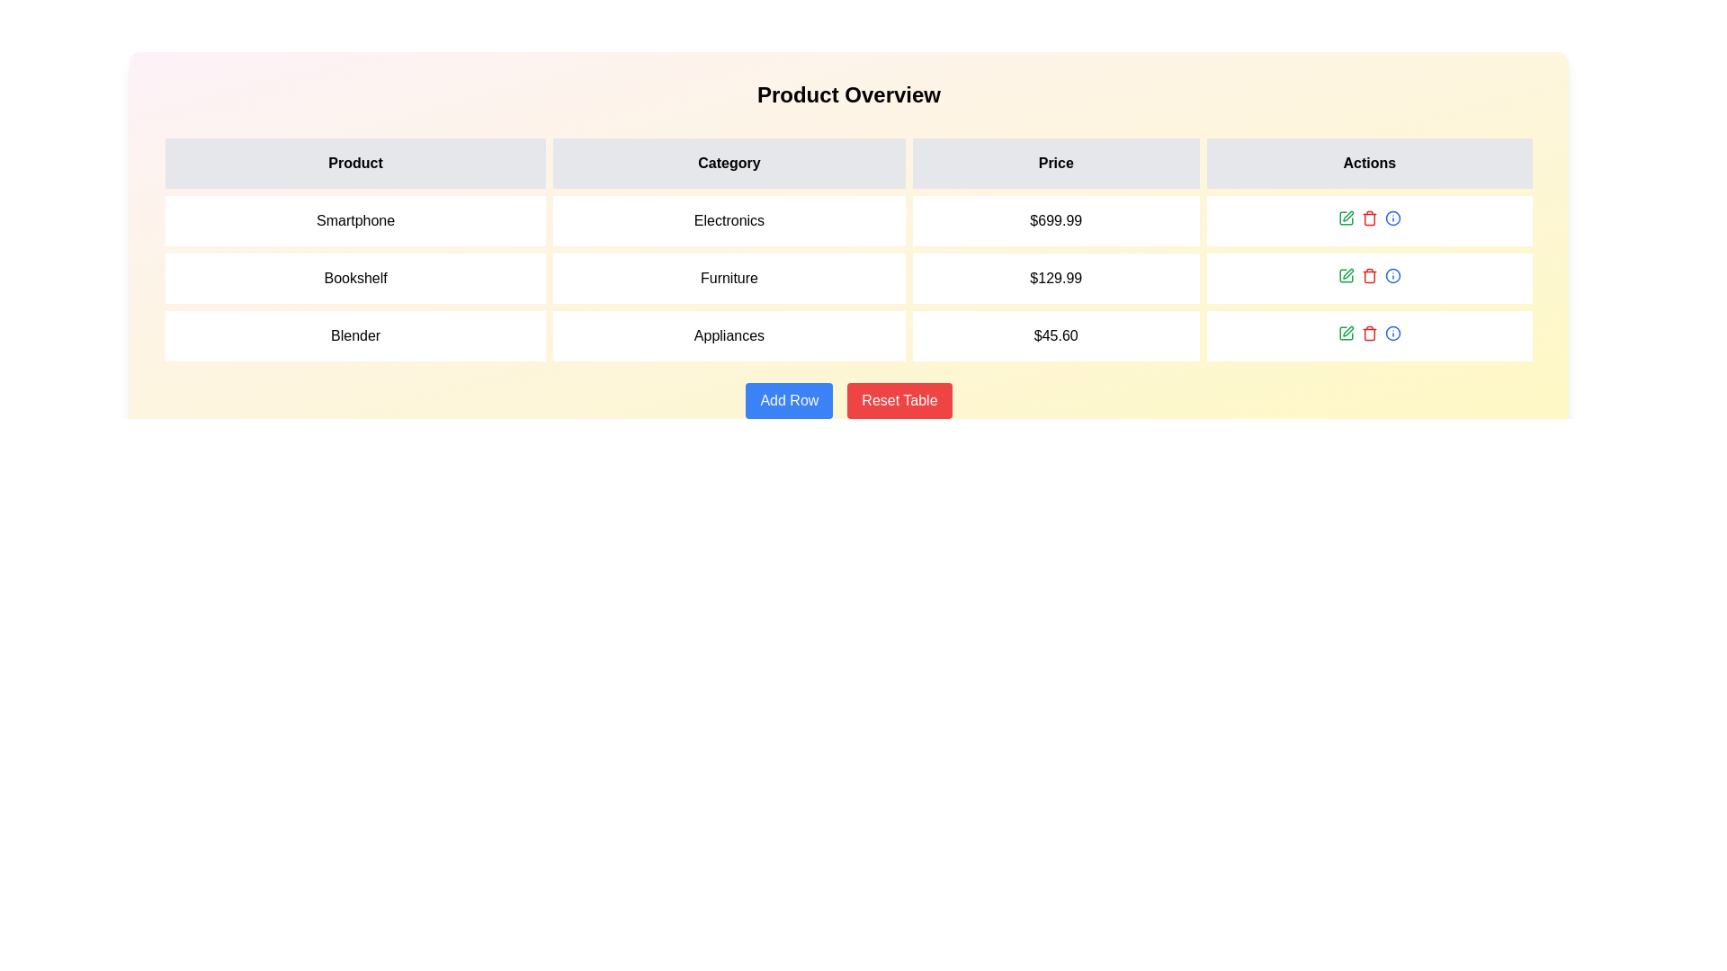 The width and height of the screenshot is (1727, 971). Describe the element at coordinates (1346, 276) in the screenshot. I see `the edit button located in the 'Actions' column of the table for the 'Bookshelf' product to invoke editing functionality` at that location.